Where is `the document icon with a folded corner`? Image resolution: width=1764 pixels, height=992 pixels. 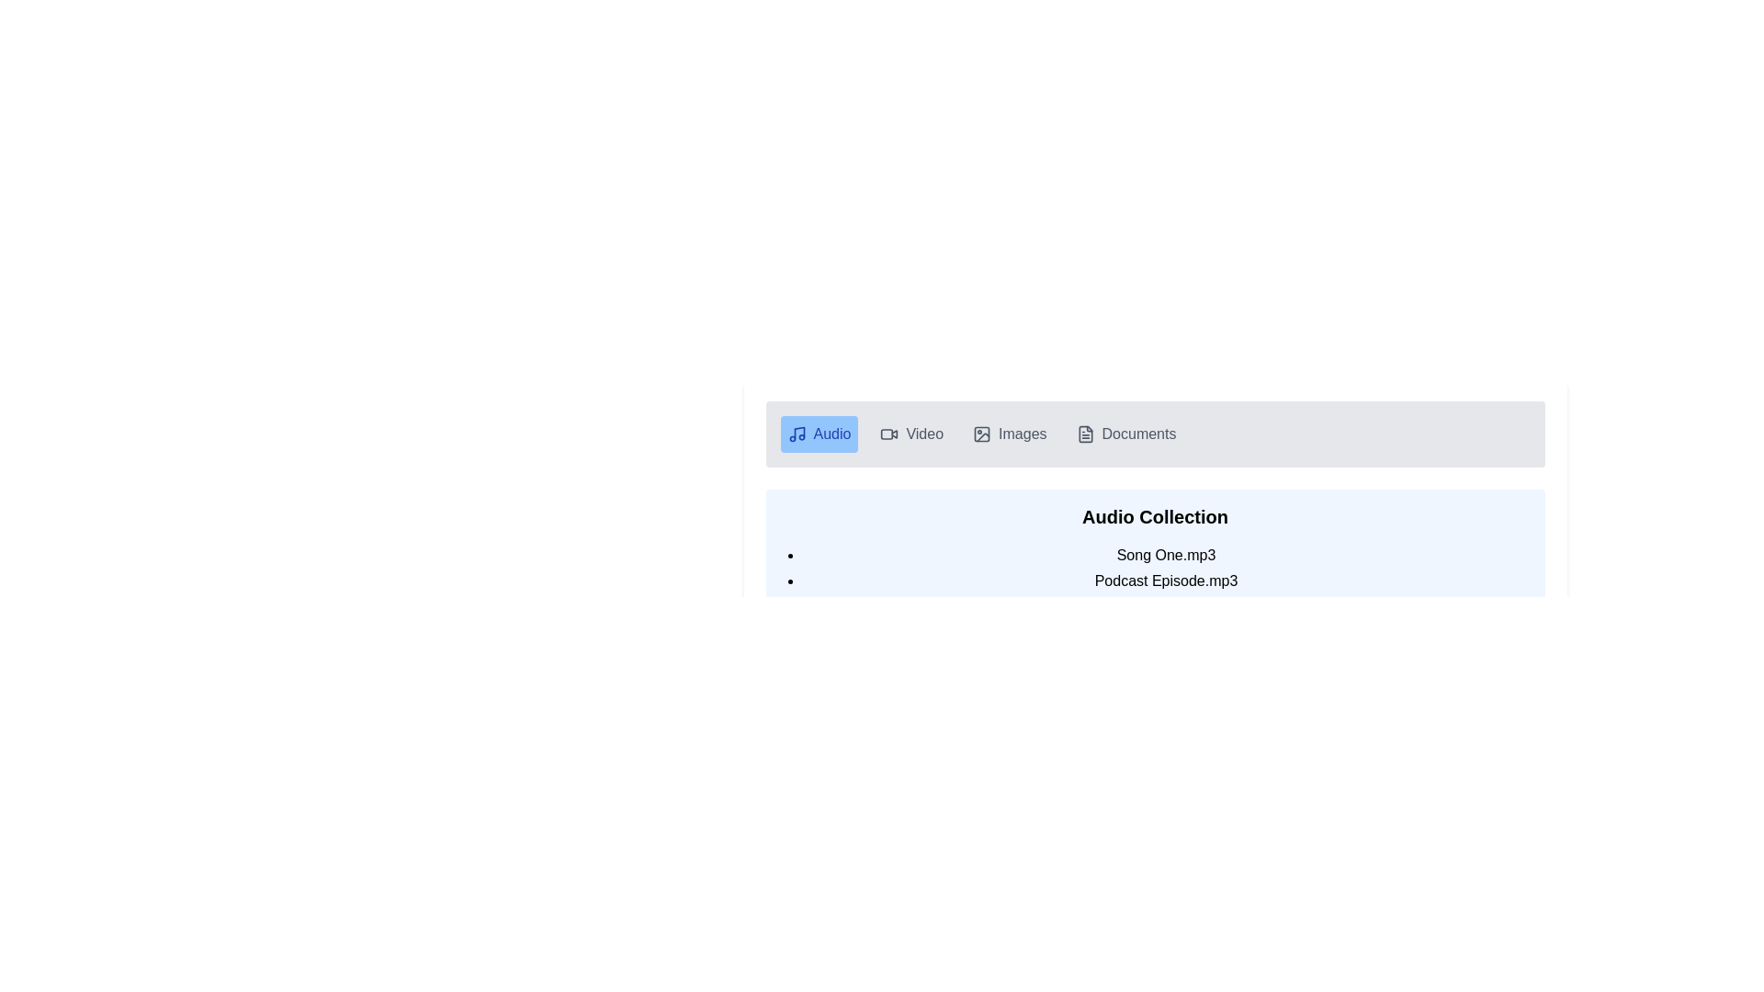
the document icon with a folded corner is located at coordinates (1085, 434).